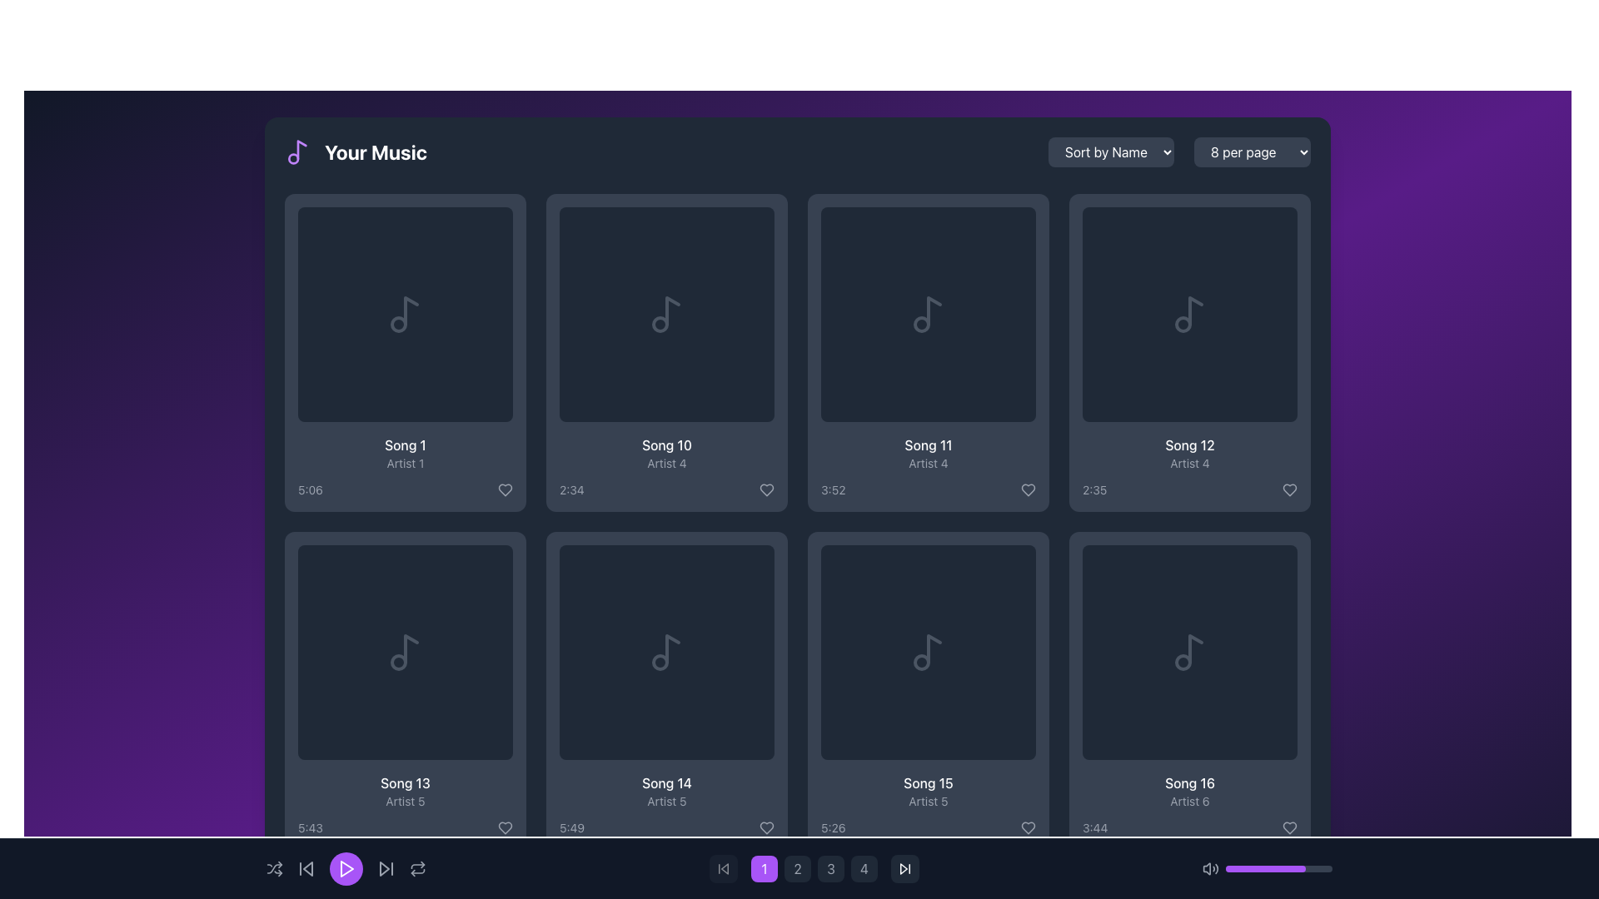 Image resolution: width=1599 pixels, height=899 pixels. What do you see at coordinates (927, 463) in the screenshot?
I see `the static text element displaying the artist's name associated with the song, which is positioned under 'Song 11' and above '3:52'` at bounding box center [927, 463].